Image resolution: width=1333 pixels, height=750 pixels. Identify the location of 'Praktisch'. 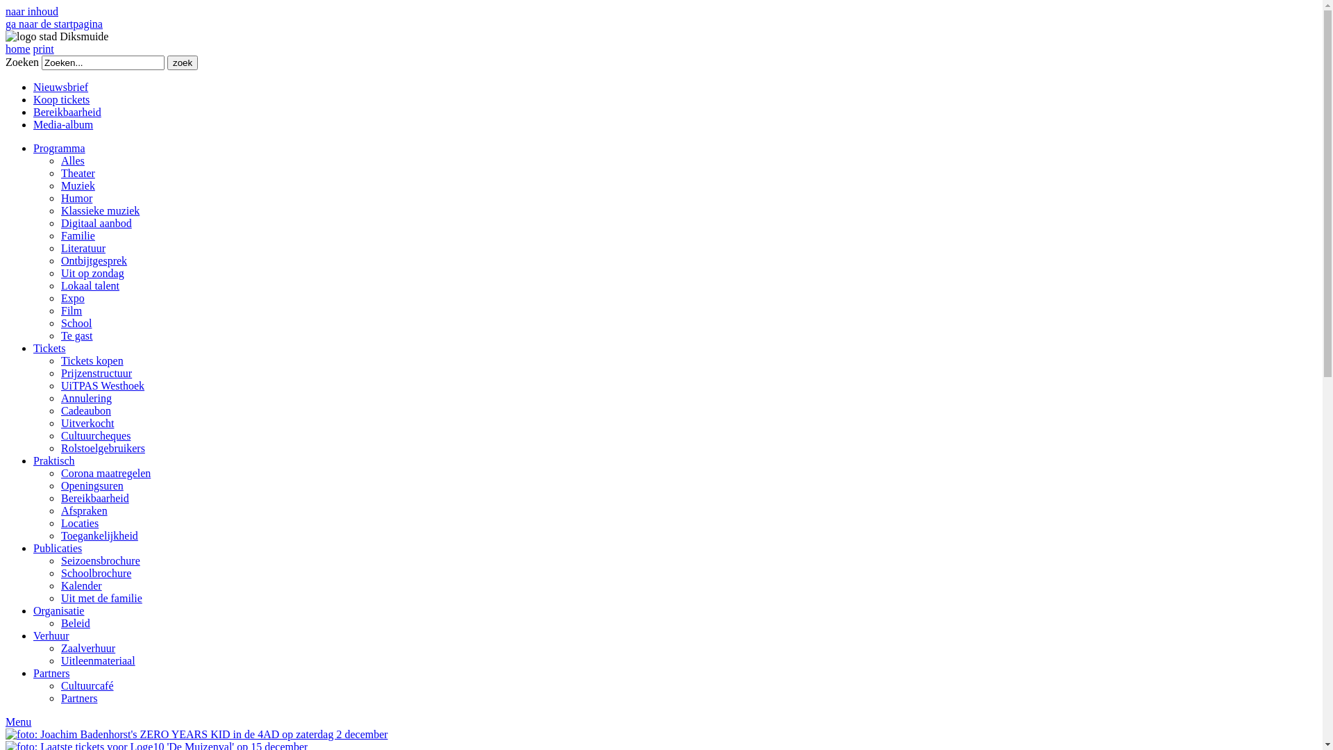
(33, 460).